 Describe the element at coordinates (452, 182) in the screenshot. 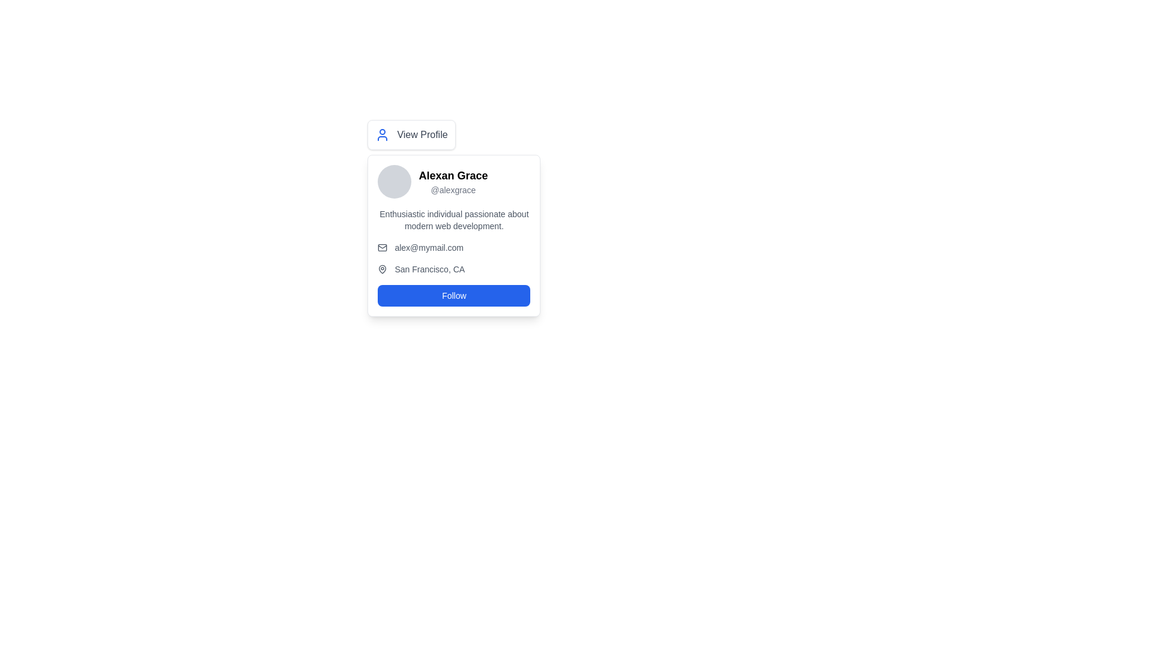

I see `the text block containing the user's name and username within the user profile card` at that location.